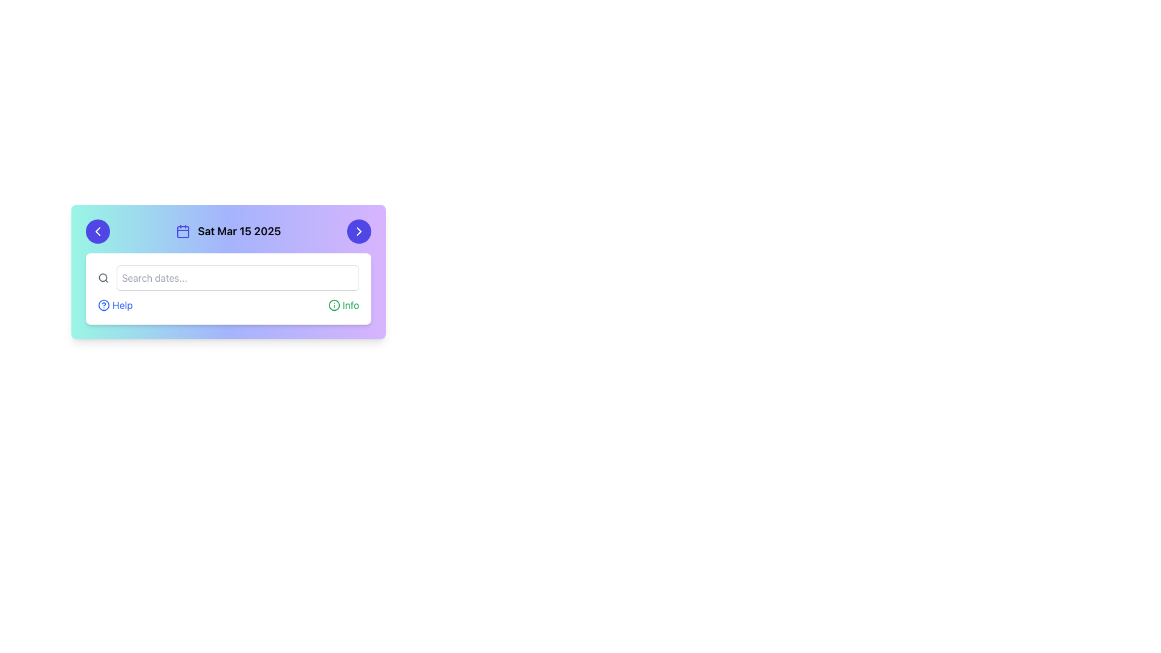 This screenshot has height=653, width=1161. Describe the element at coordinates (122, 305) in the screenshot. I see `the help hyperlink located at the lower left of the main user interface section, positioned to the right of the question mark icon and left of the 'Info' section` at that location.